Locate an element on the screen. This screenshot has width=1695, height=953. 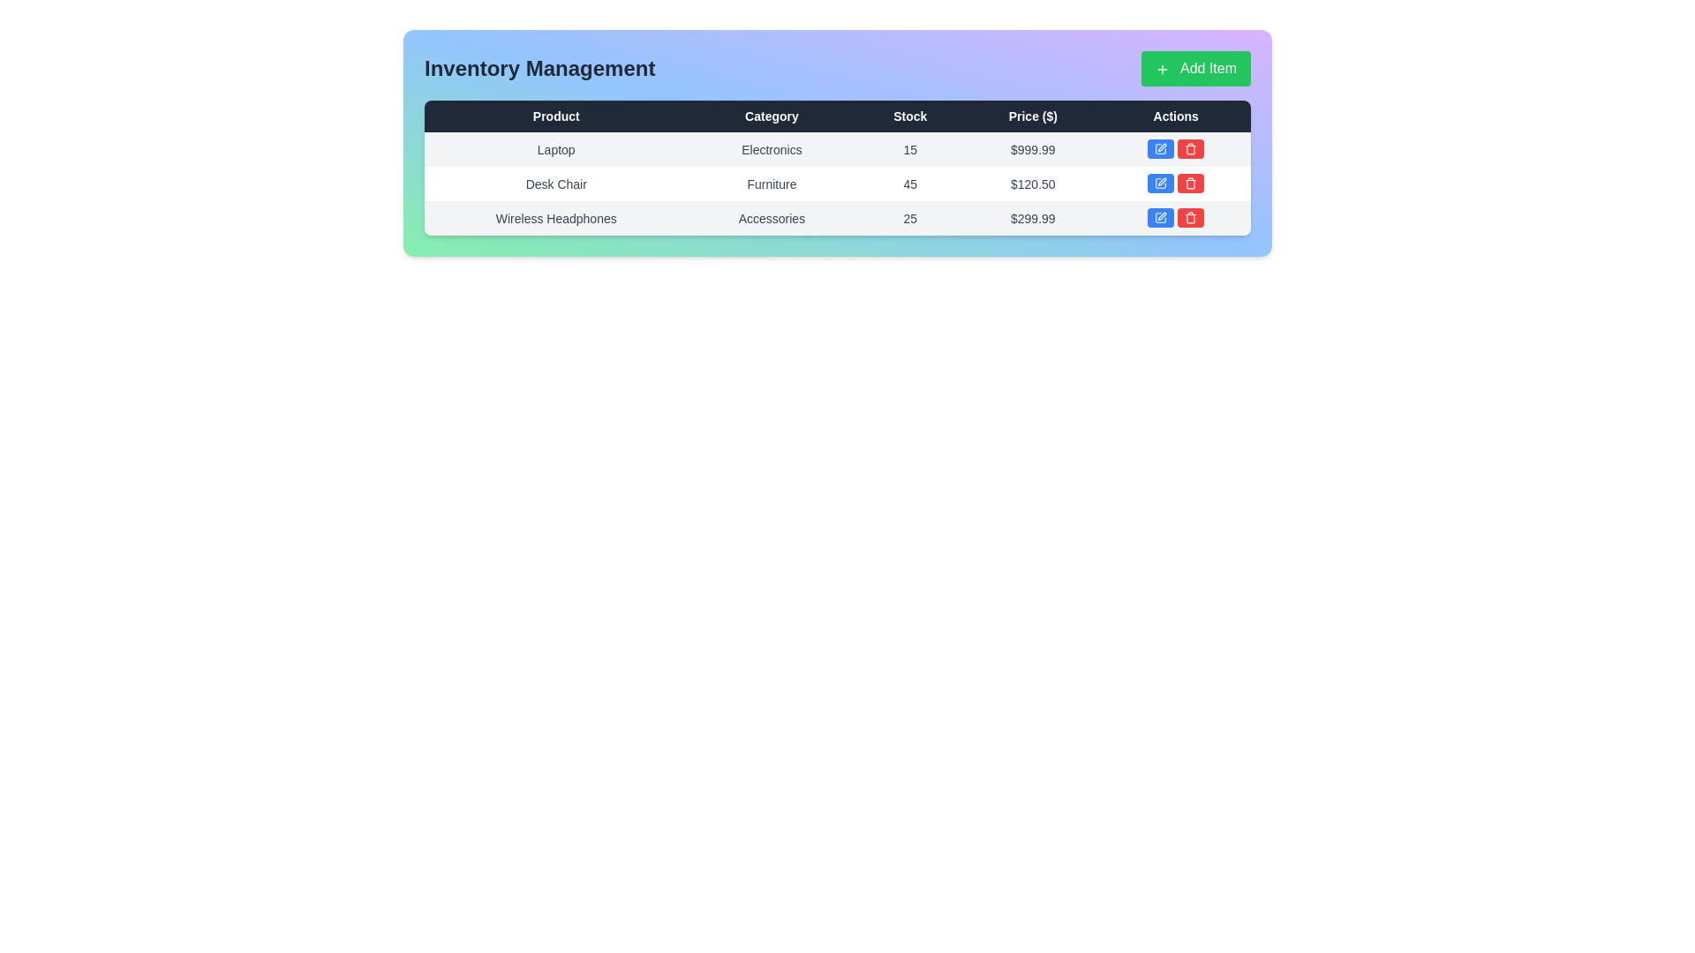
the 'Add Item' icon located is located at coordinates (1163, 68).